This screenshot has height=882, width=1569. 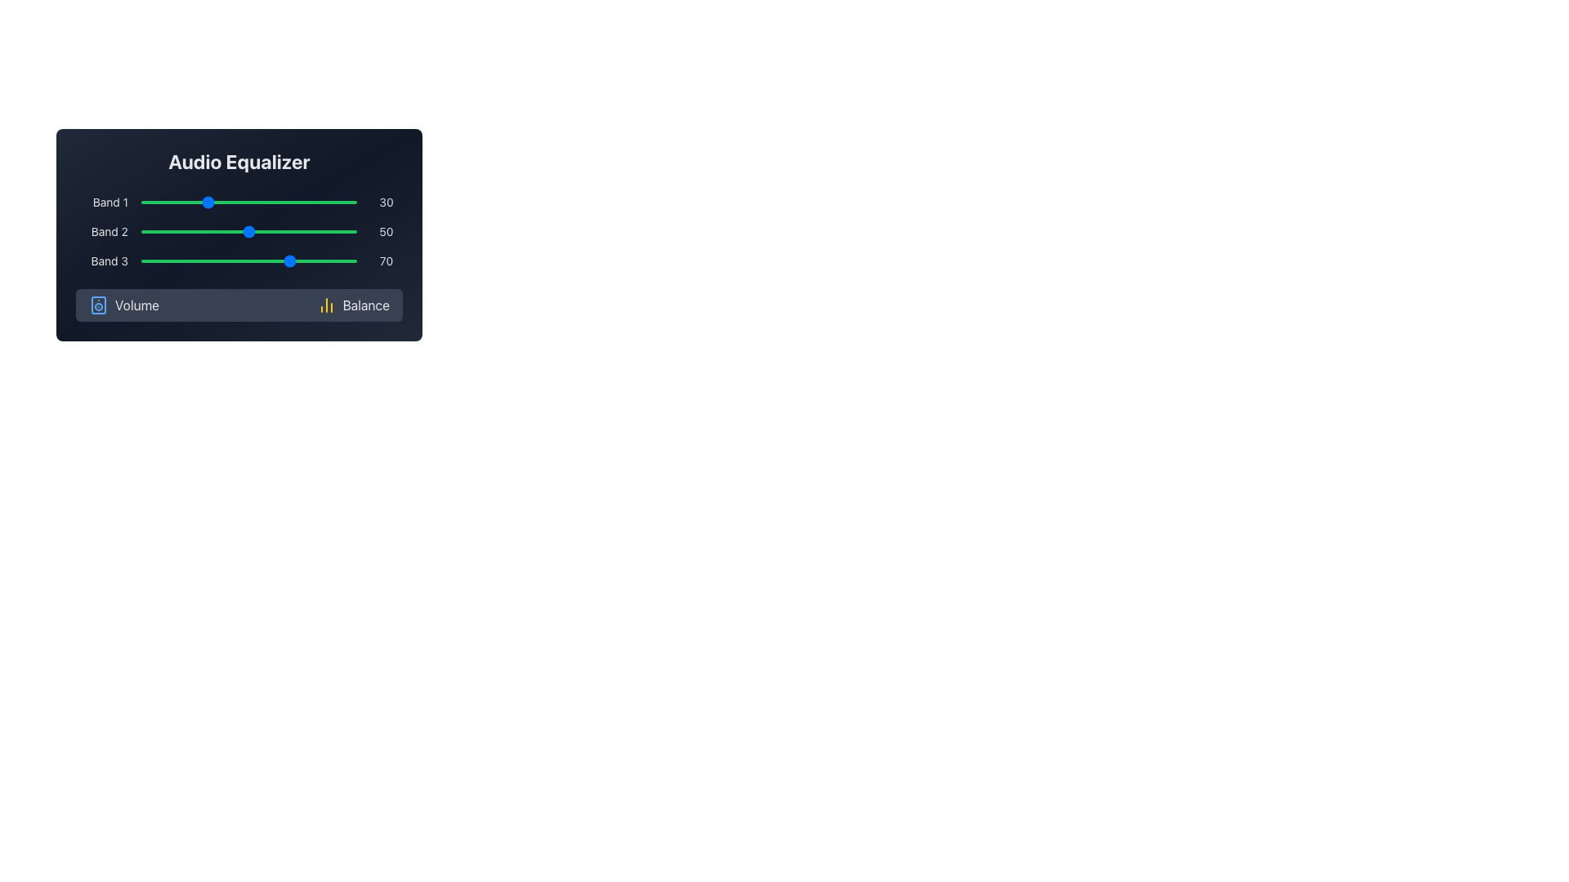 What do you see at coordinates (328, 261) in the screenshot?
I see `the Band 3 slider` at bounding box center [328, 261].